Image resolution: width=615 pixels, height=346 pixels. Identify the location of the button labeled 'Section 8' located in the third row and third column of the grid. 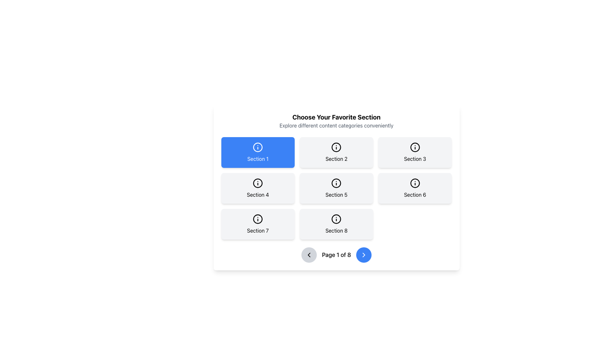
(336, 224).